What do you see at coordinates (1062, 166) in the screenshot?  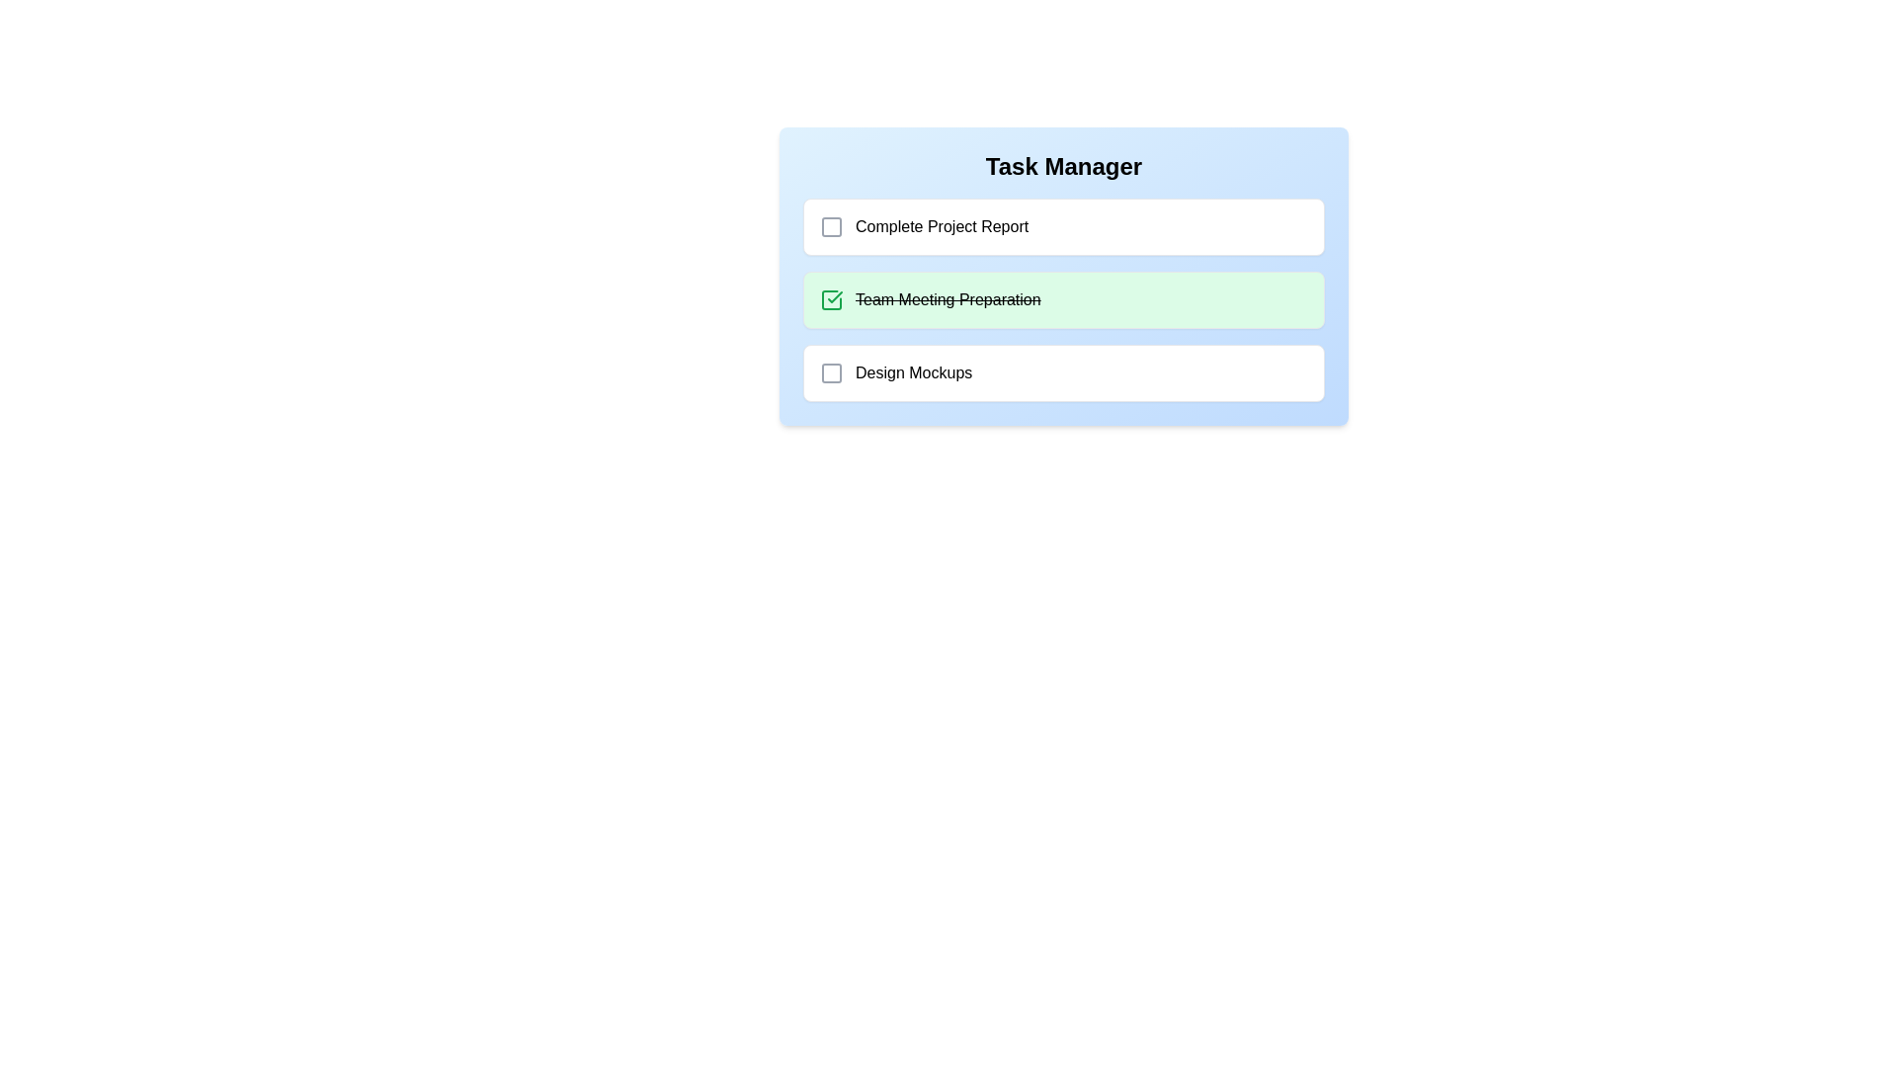 I see `the bold, medium-sized heading with the text 'Task Manager' that is positioned at the top of a card-like layout and visually distinct with a gradient background` at bounding box center [1062, 166].